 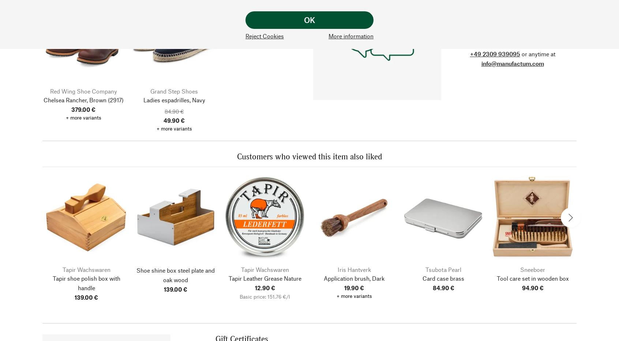 What do you see at coordinates (175, 274) in the screenshot?
I see `'Shoe shine box steel plate and oak wood'` at bounding box center [175, 274].